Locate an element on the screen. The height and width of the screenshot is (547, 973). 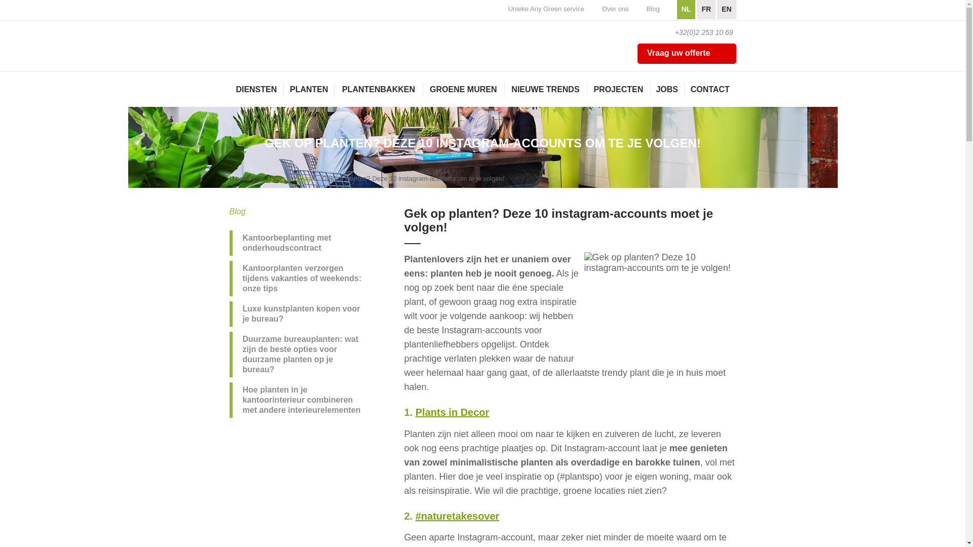
'FR' is located at coordinates (705, 10).